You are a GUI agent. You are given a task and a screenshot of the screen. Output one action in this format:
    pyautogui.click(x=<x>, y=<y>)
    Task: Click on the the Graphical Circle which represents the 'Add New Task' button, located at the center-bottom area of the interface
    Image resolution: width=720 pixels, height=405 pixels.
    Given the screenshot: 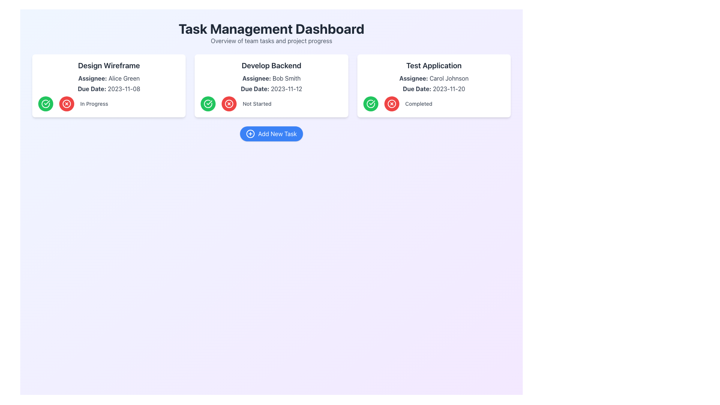 What is the action you would take?
    pyautogui.click(x=250, y=133)
    